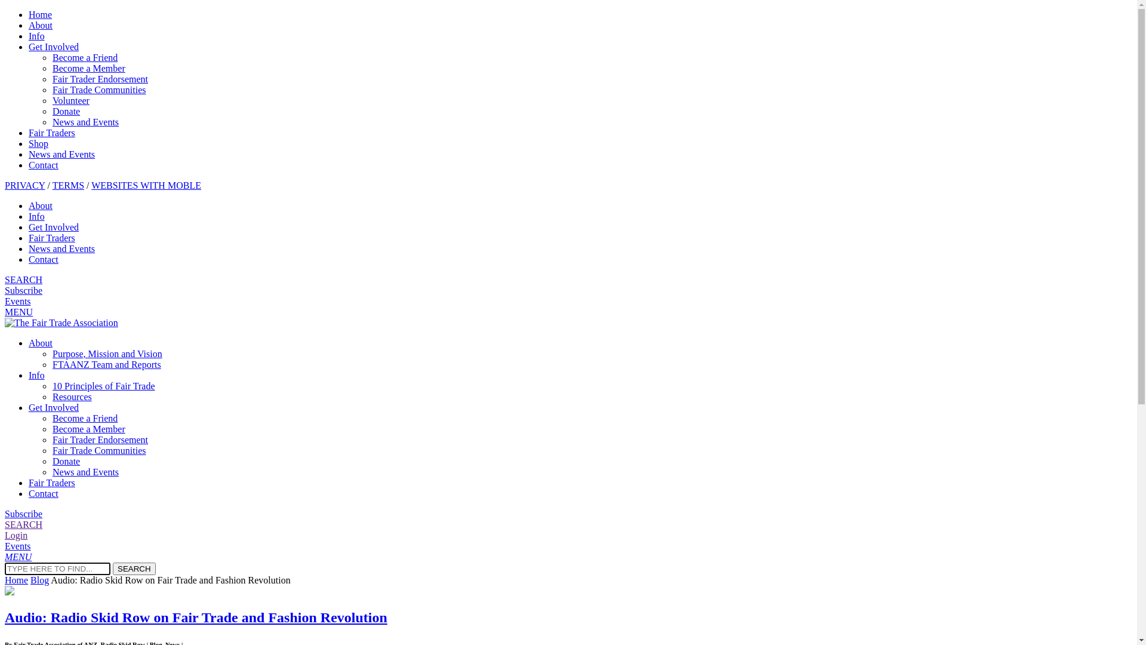  I want to click on 'About', so click(29, 25).